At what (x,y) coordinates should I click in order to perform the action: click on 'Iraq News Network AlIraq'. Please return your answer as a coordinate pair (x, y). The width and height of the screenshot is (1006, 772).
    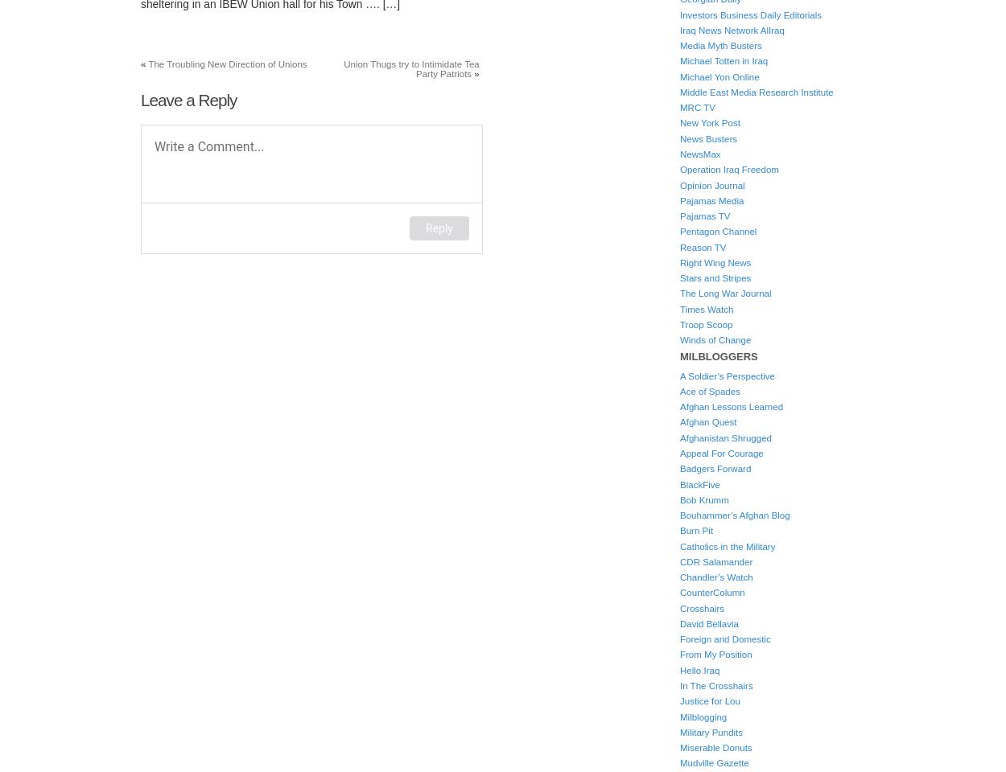
    Looking at the image, I should click on (732, 28).